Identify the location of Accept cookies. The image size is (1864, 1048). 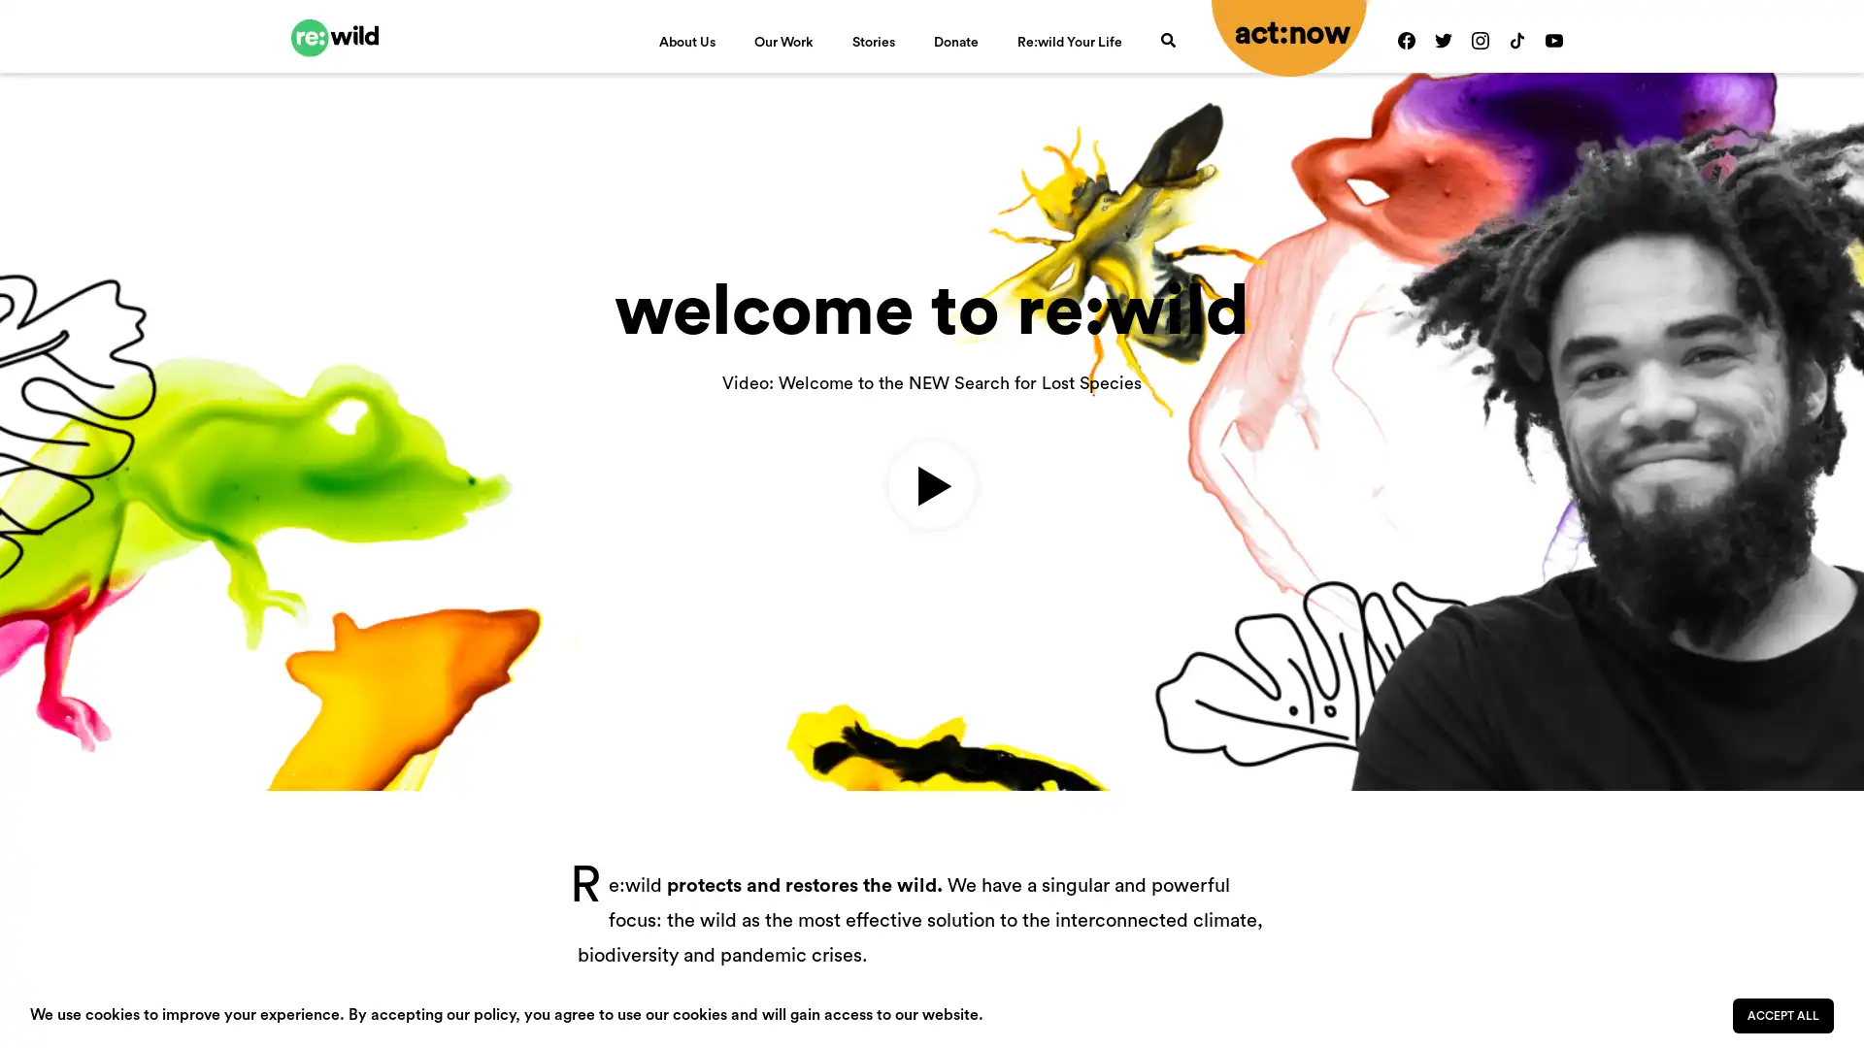
(1783, 1014).